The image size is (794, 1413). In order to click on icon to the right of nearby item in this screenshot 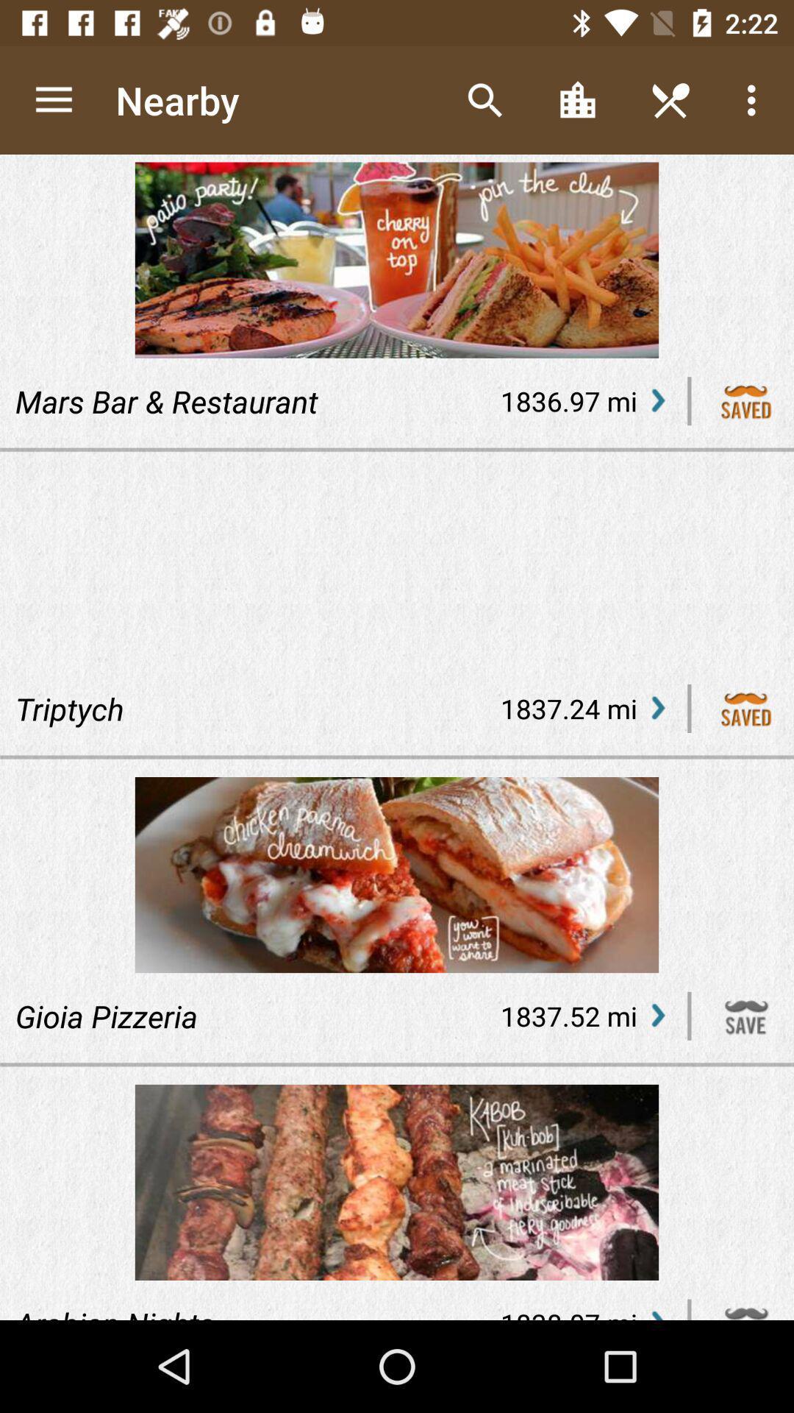, I will do `click(484, 99)`.